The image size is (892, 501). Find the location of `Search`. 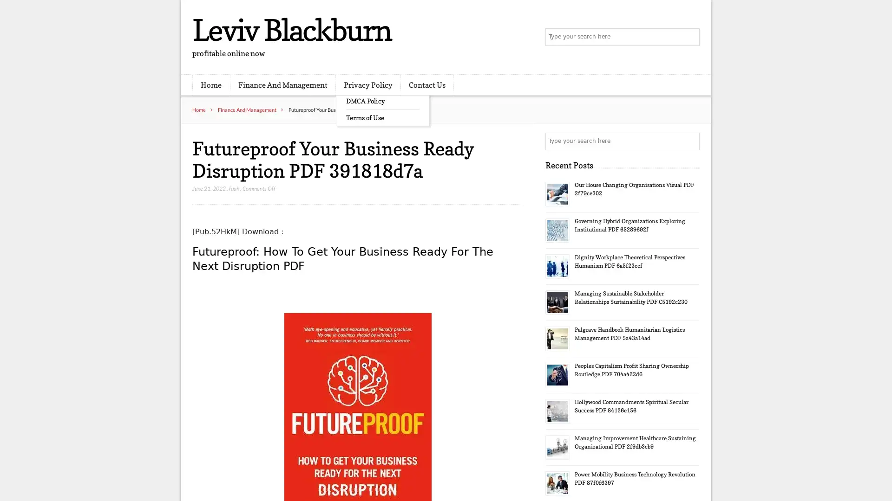

Search is located at coordinates (690, 37).